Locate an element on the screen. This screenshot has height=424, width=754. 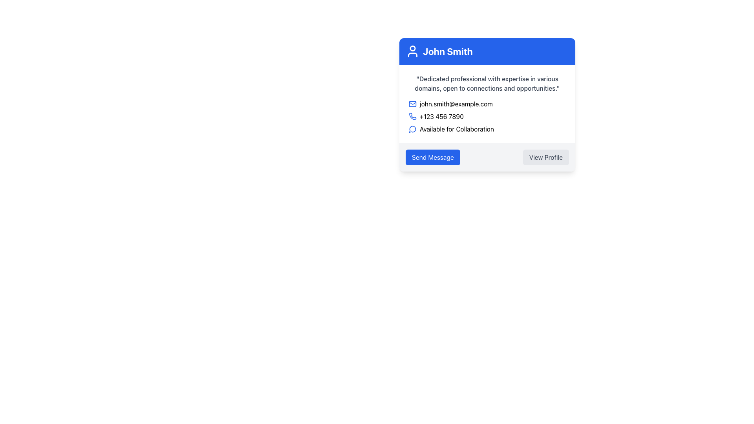
the email address text label located at the top of the contact information section in the profile card to initiate copying the email address is located at coordinates (487, 104).